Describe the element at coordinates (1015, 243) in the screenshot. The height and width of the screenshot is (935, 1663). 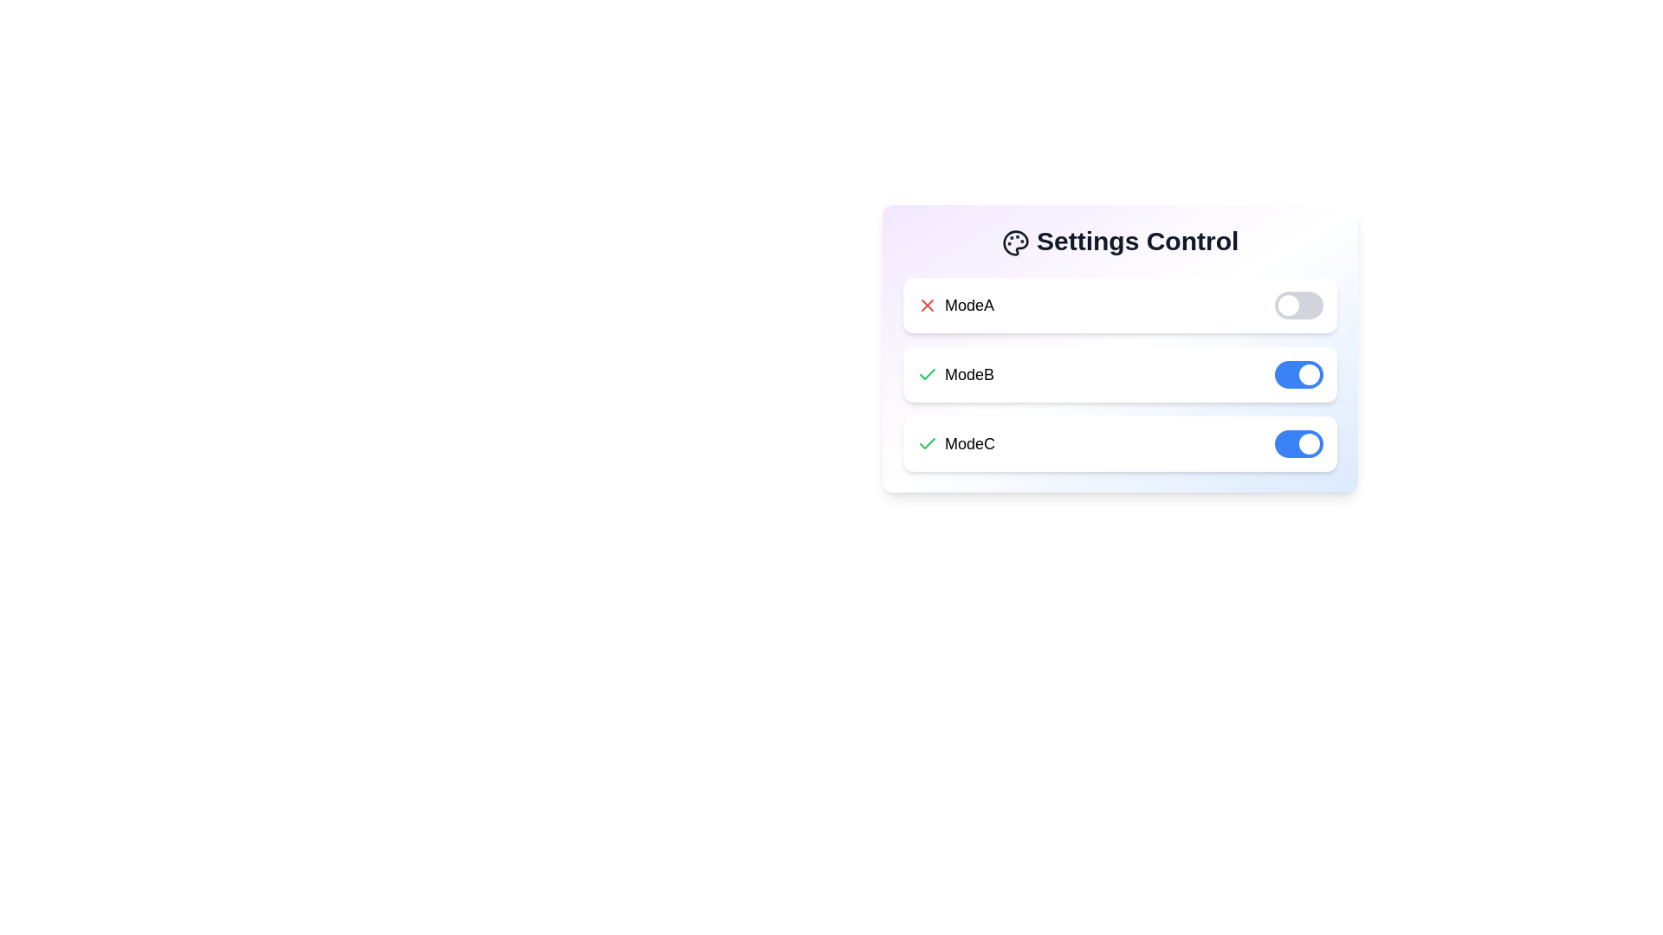
I see `the minimalist, black line-drawn palette icon located to the left of the 'Settings Control' title in the header section` at that location.